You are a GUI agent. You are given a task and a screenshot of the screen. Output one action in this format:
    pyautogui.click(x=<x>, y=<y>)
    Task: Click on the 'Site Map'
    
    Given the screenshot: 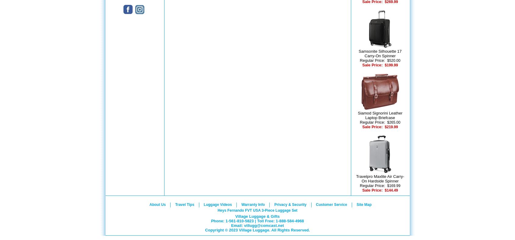 What is the action you would take?
    pyautogui.click(x=364, y=204)
    